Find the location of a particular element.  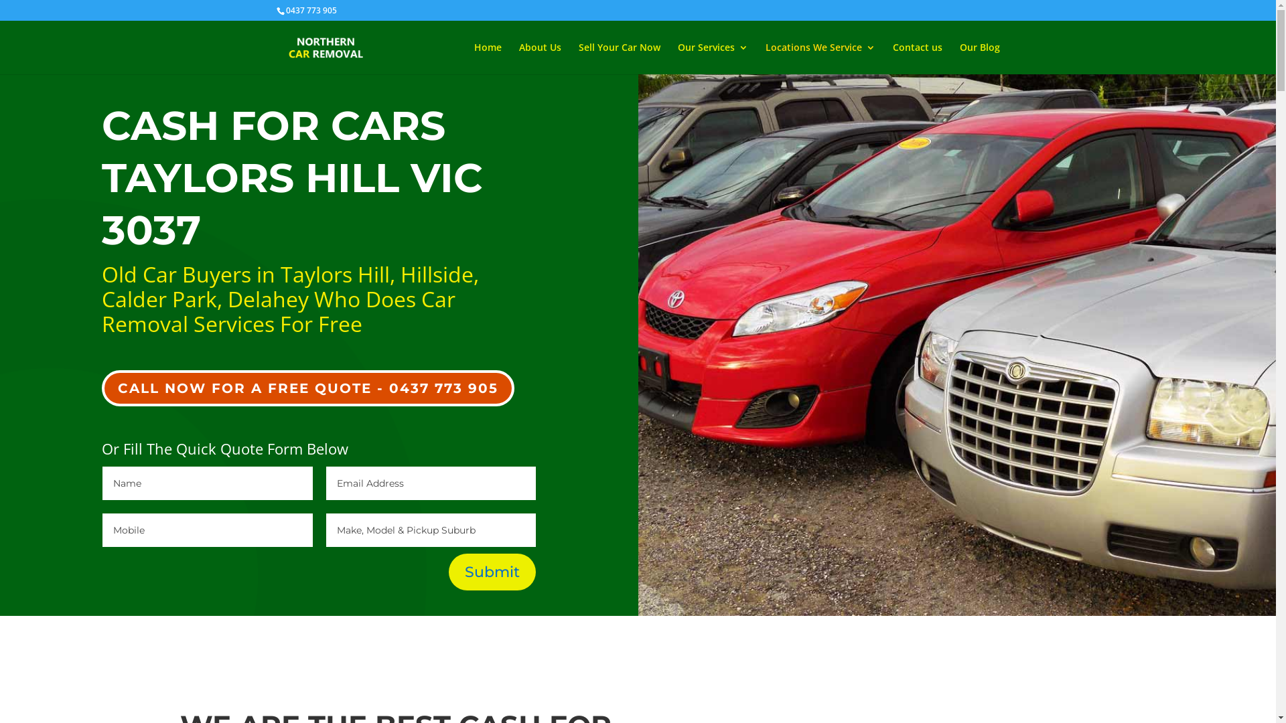

'Our Services' is located at coordinates (712, 58).